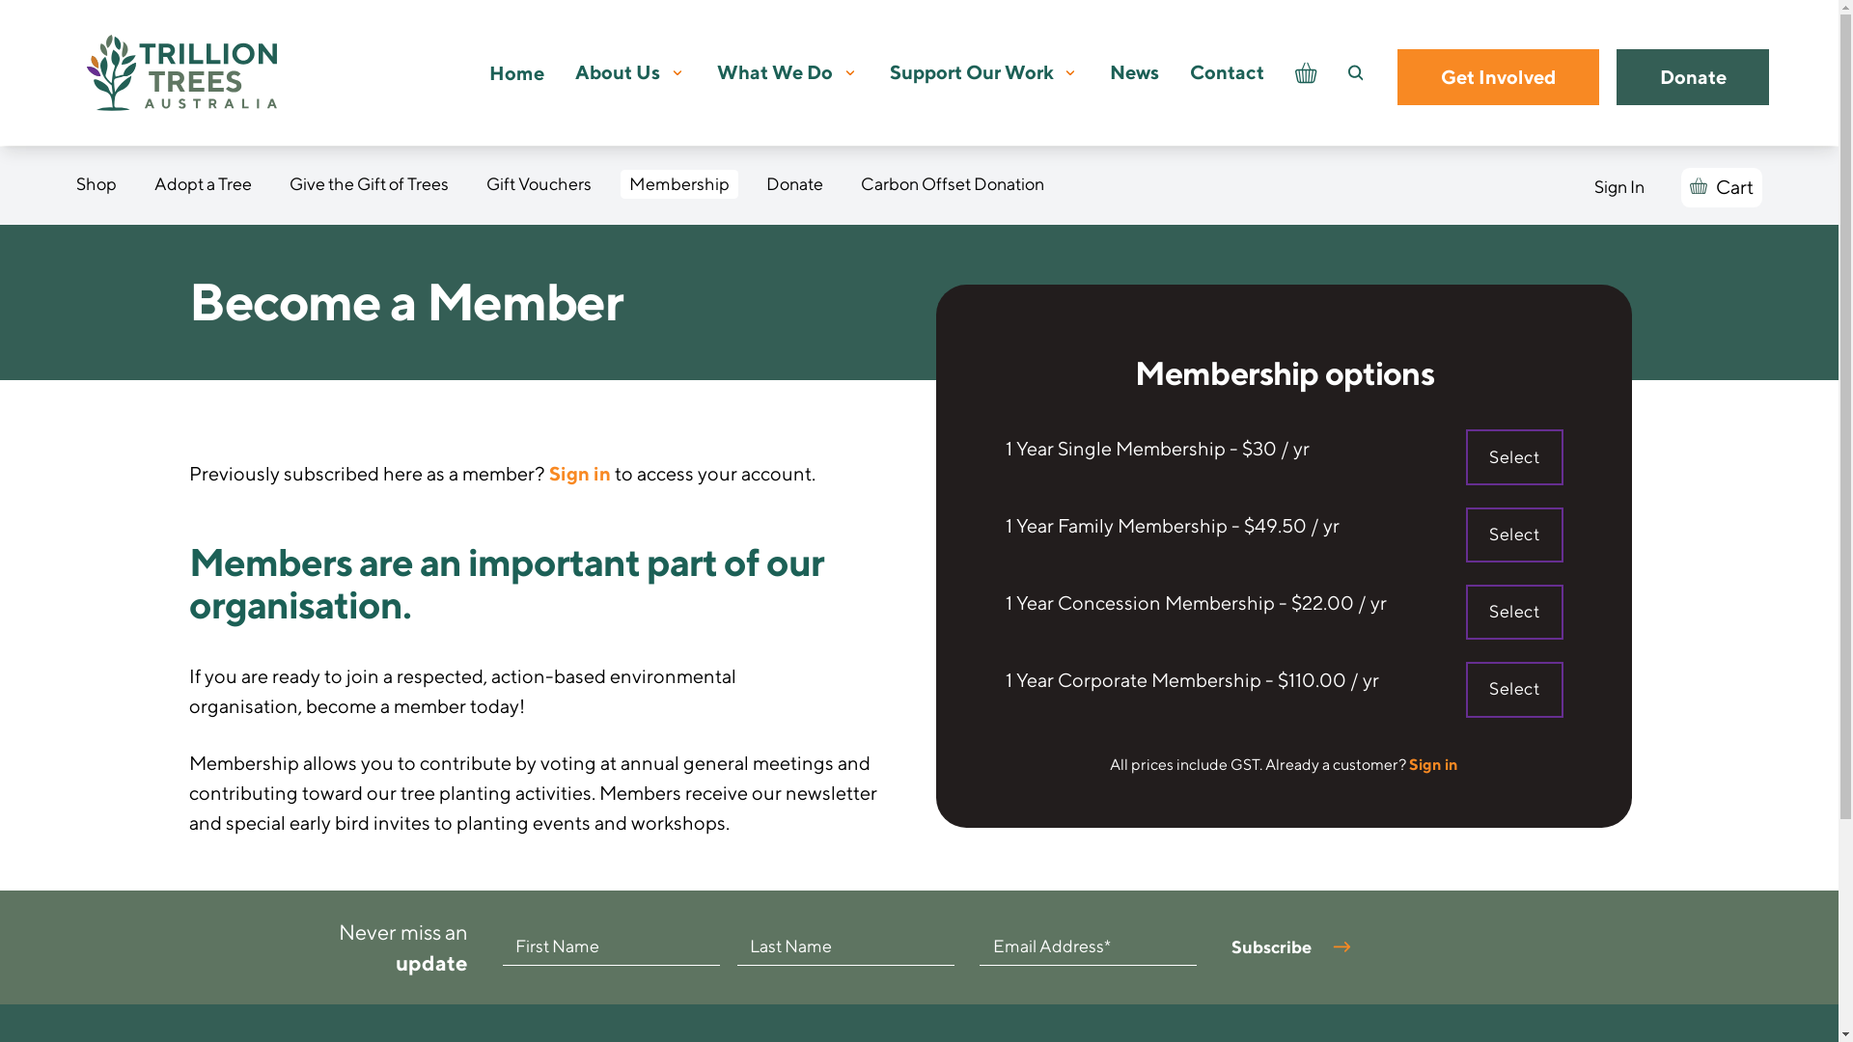 The width and height of the screenshot is (1853, 1042). Describe the element at coordinates (539, 184) in the screenshot. I see `'Gift Vouchers'` at that location.